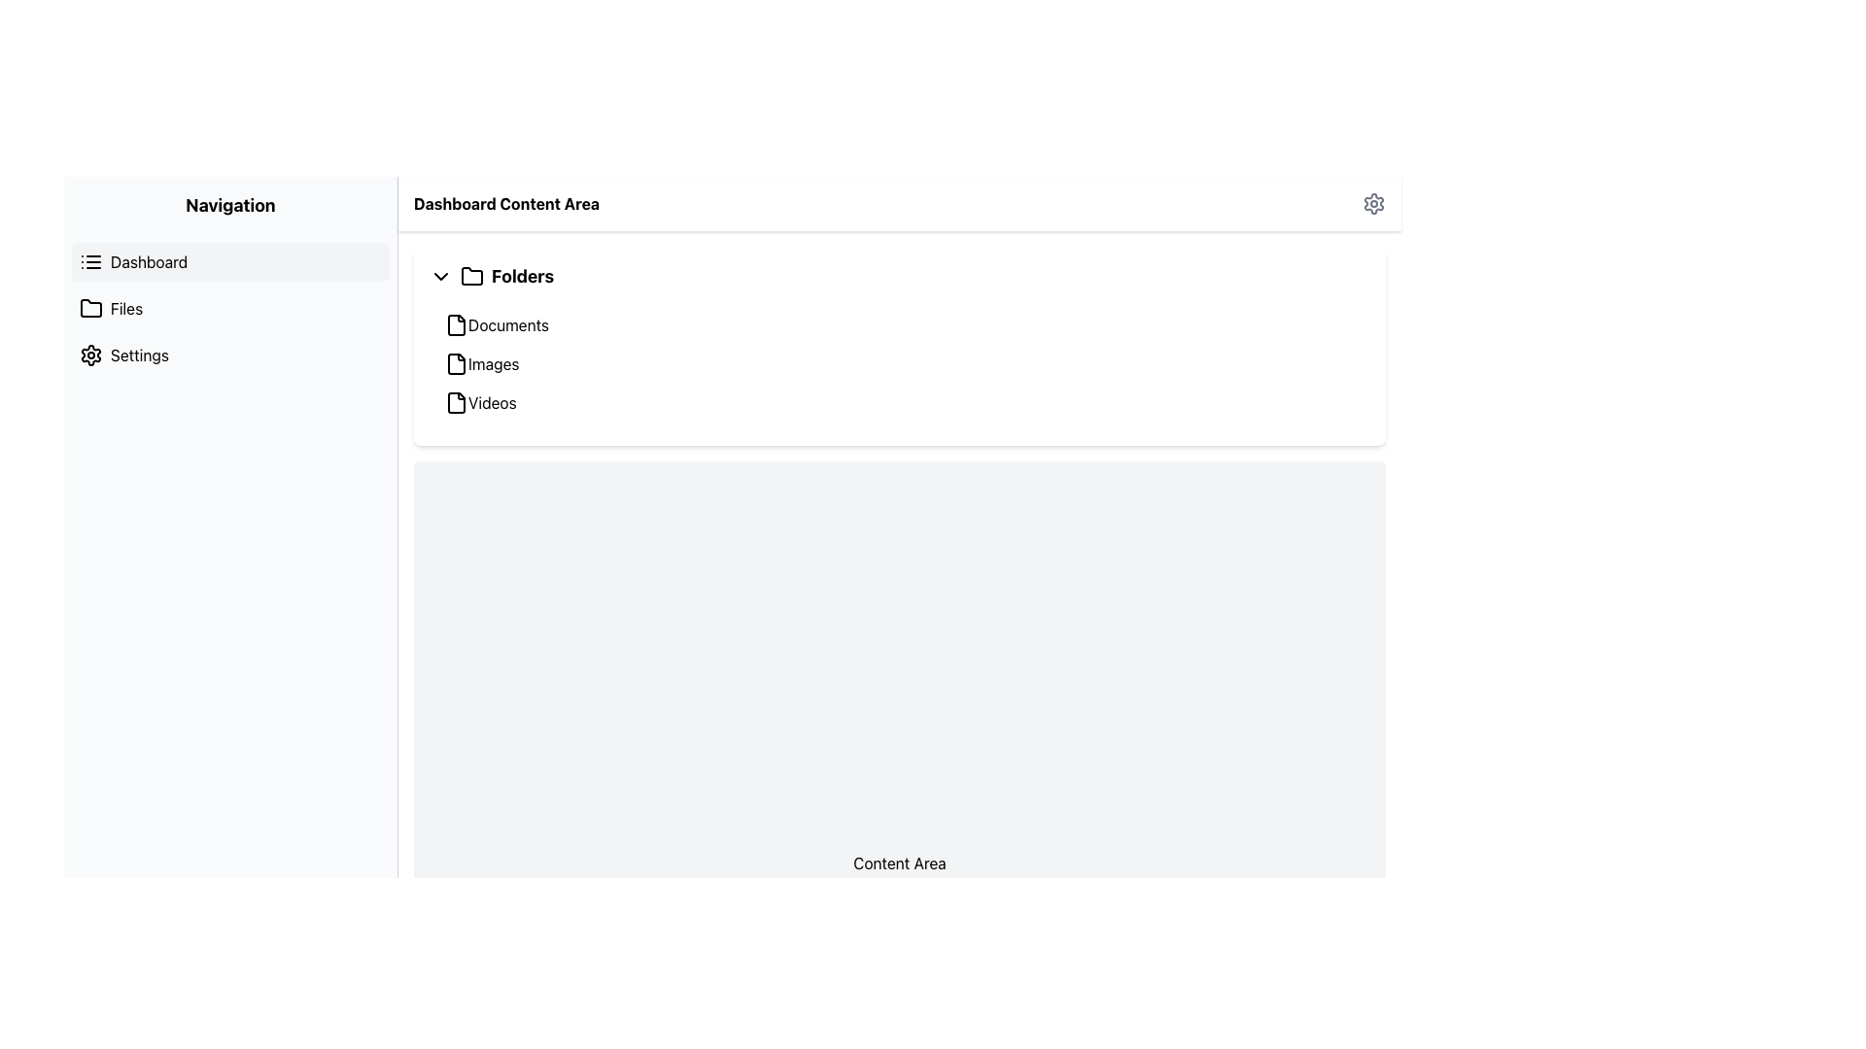  I want to click on the 'Dashboard' text label in the navigation sidebar, which is styled with a clean sans-serif font and is positioned next to a menu icon, so click(148, 262).